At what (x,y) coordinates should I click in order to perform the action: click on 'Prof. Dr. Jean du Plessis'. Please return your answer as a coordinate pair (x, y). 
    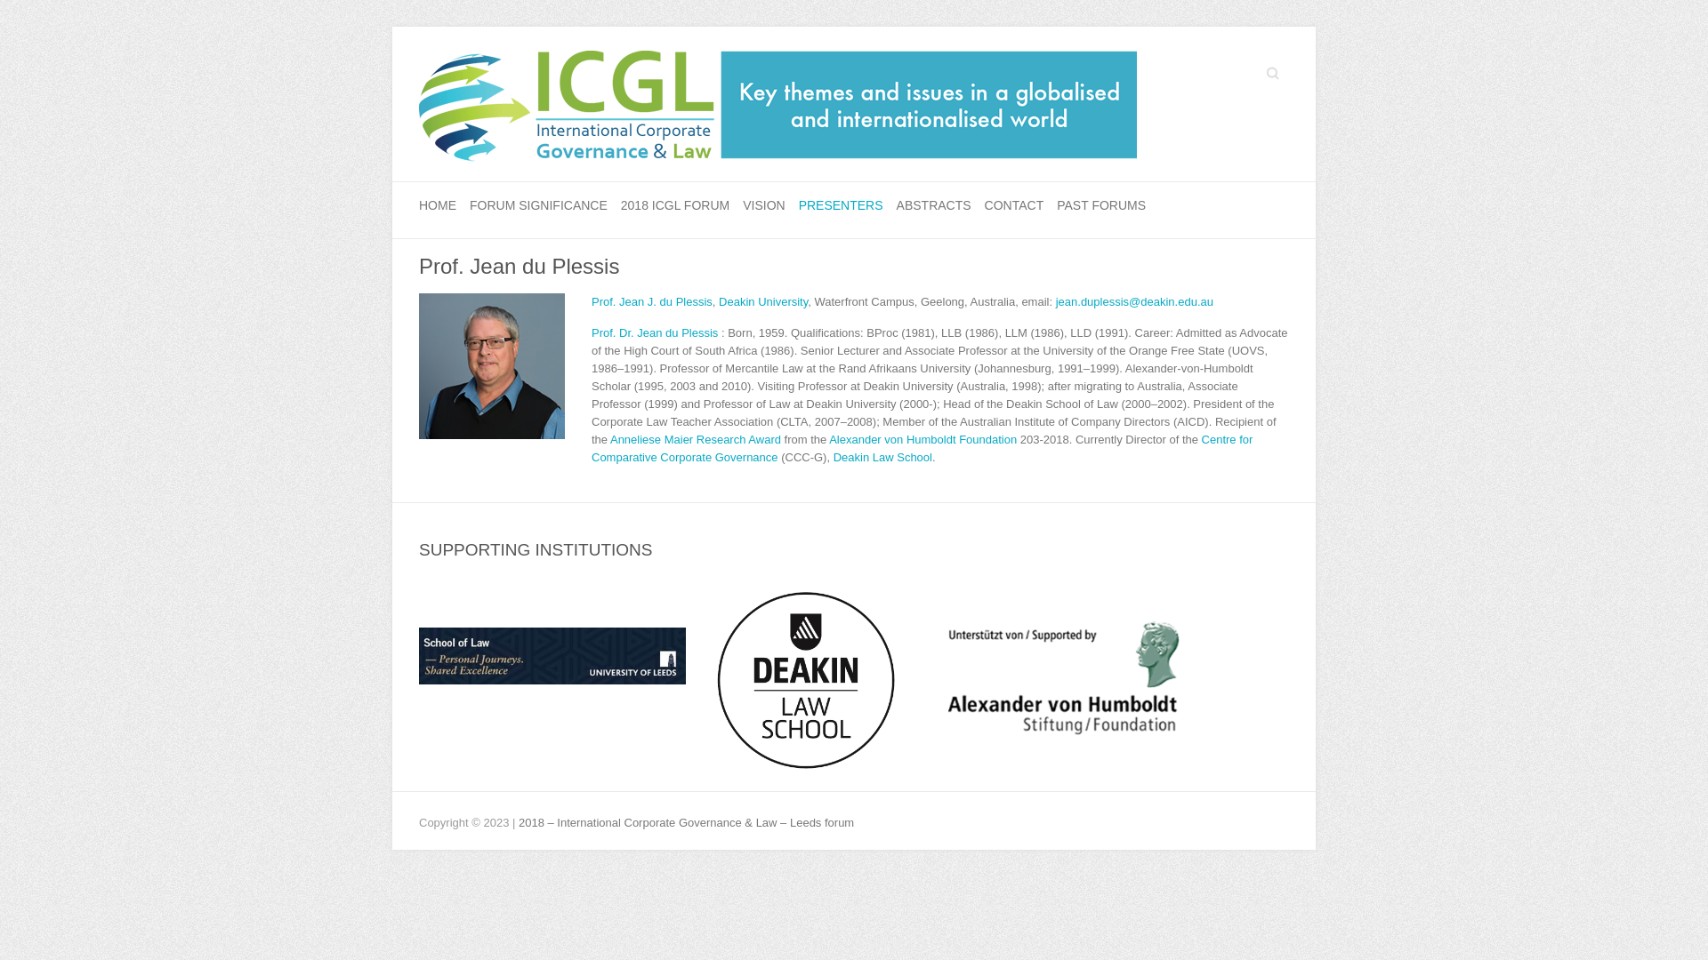
    Looking at the image, I should click on (592, 332).